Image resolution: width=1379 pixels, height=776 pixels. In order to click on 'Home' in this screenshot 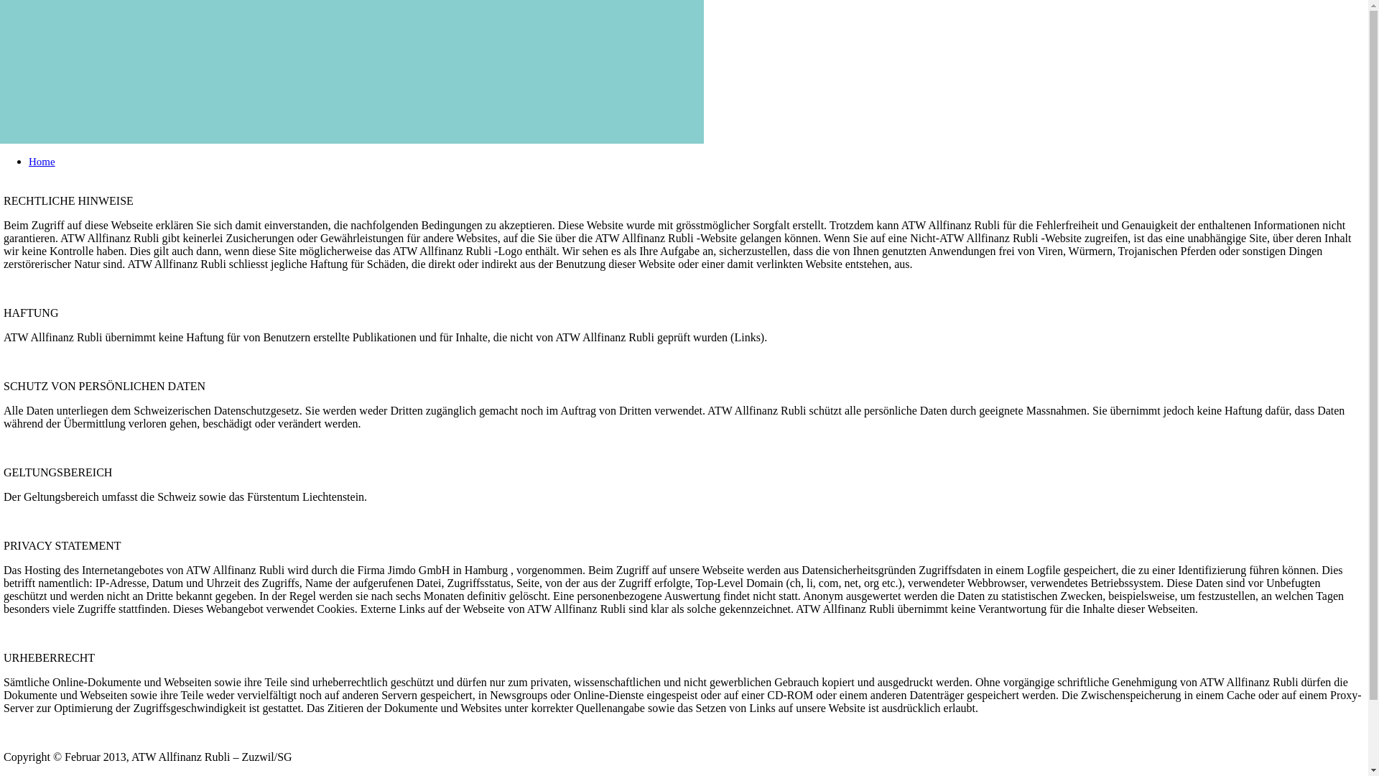, I will do `click(42, 161)`.